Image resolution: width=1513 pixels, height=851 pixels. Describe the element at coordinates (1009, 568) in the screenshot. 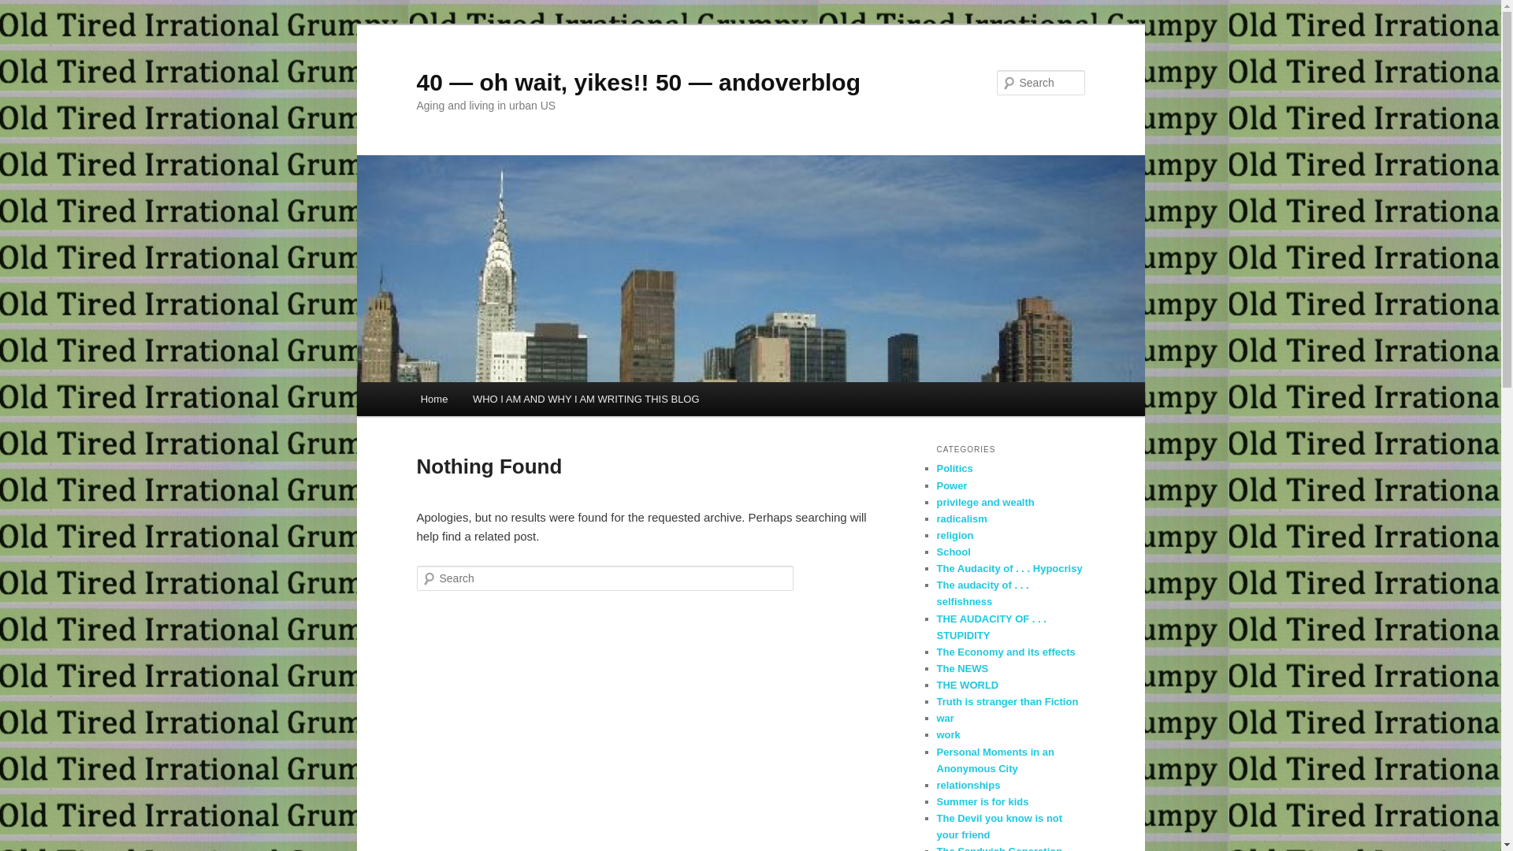

I see `'The Audacity of . . . Hypocrisy'` at that location.